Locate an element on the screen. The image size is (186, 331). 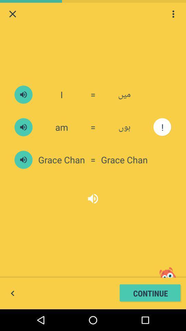
the volume icon is located at coordinates (23, 171).